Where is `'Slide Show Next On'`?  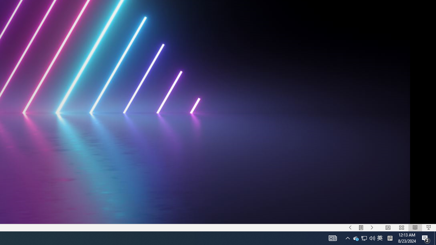 'Slide Show Next On' is located at coordinates (372, 228).